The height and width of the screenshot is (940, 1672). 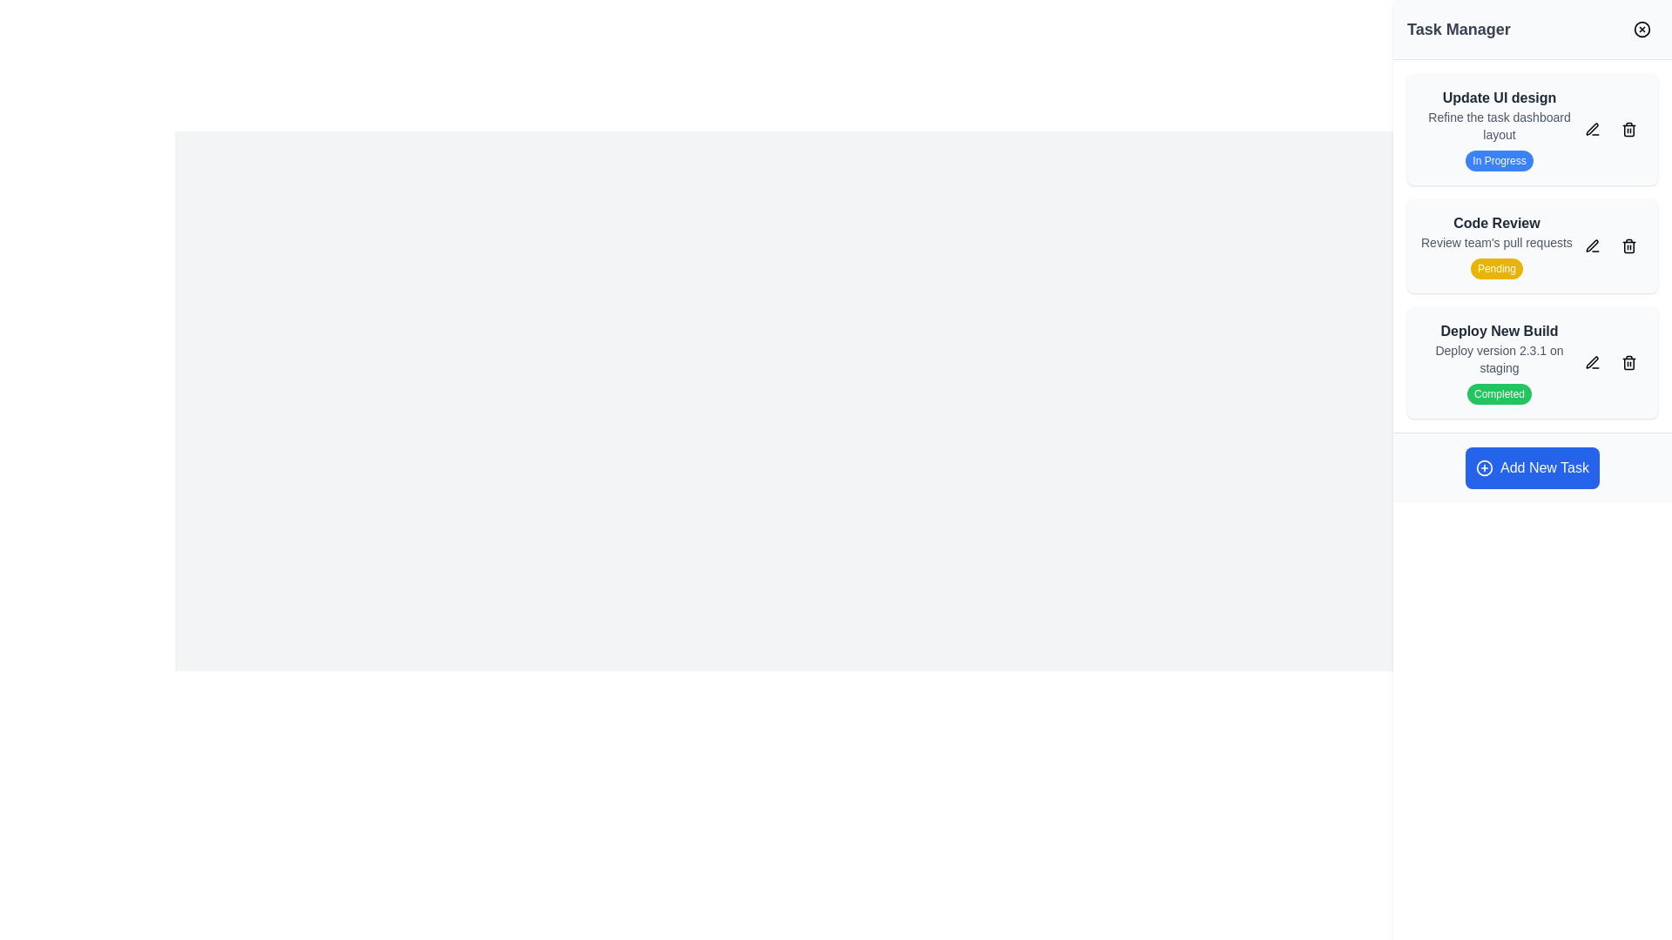 What do you see at coordinates (1592, 245) in the screenshot?
I see `the pen icon button located on the right side of the 'Code Review' task item` at bounding box center [1592, 245].